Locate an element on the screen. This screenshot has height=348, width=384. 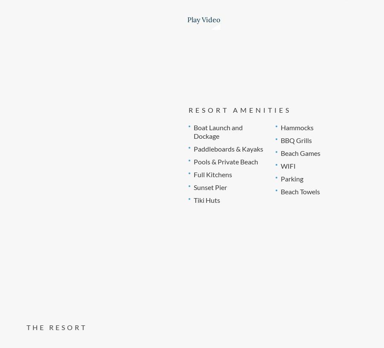
'Paddleboards & Kayaks' is located at coordinates (192, 148).